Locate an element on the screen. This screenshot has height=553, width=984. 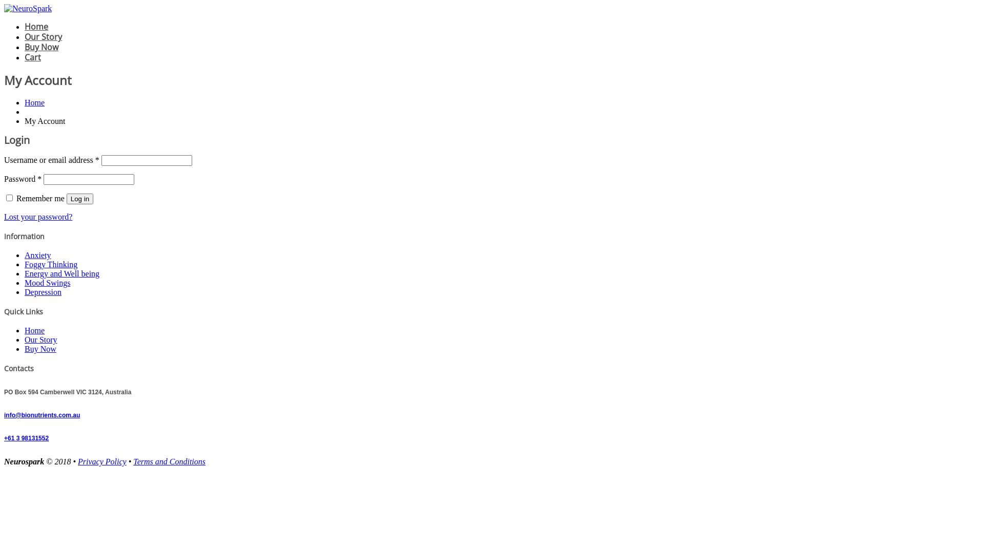
'Privacy Policy' is located at coordinates (102, 461).